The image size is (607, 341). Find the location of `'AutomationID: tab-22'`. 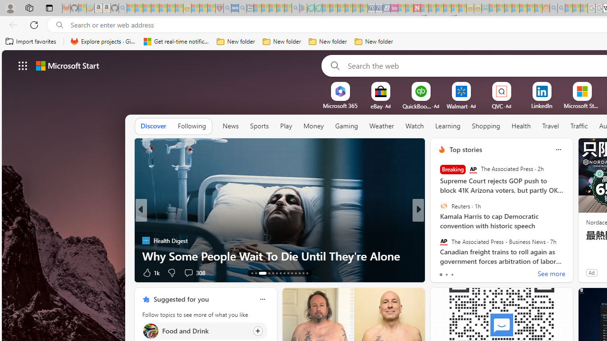

'AutomationID: tab-22' is located at coordinates (291, 273).